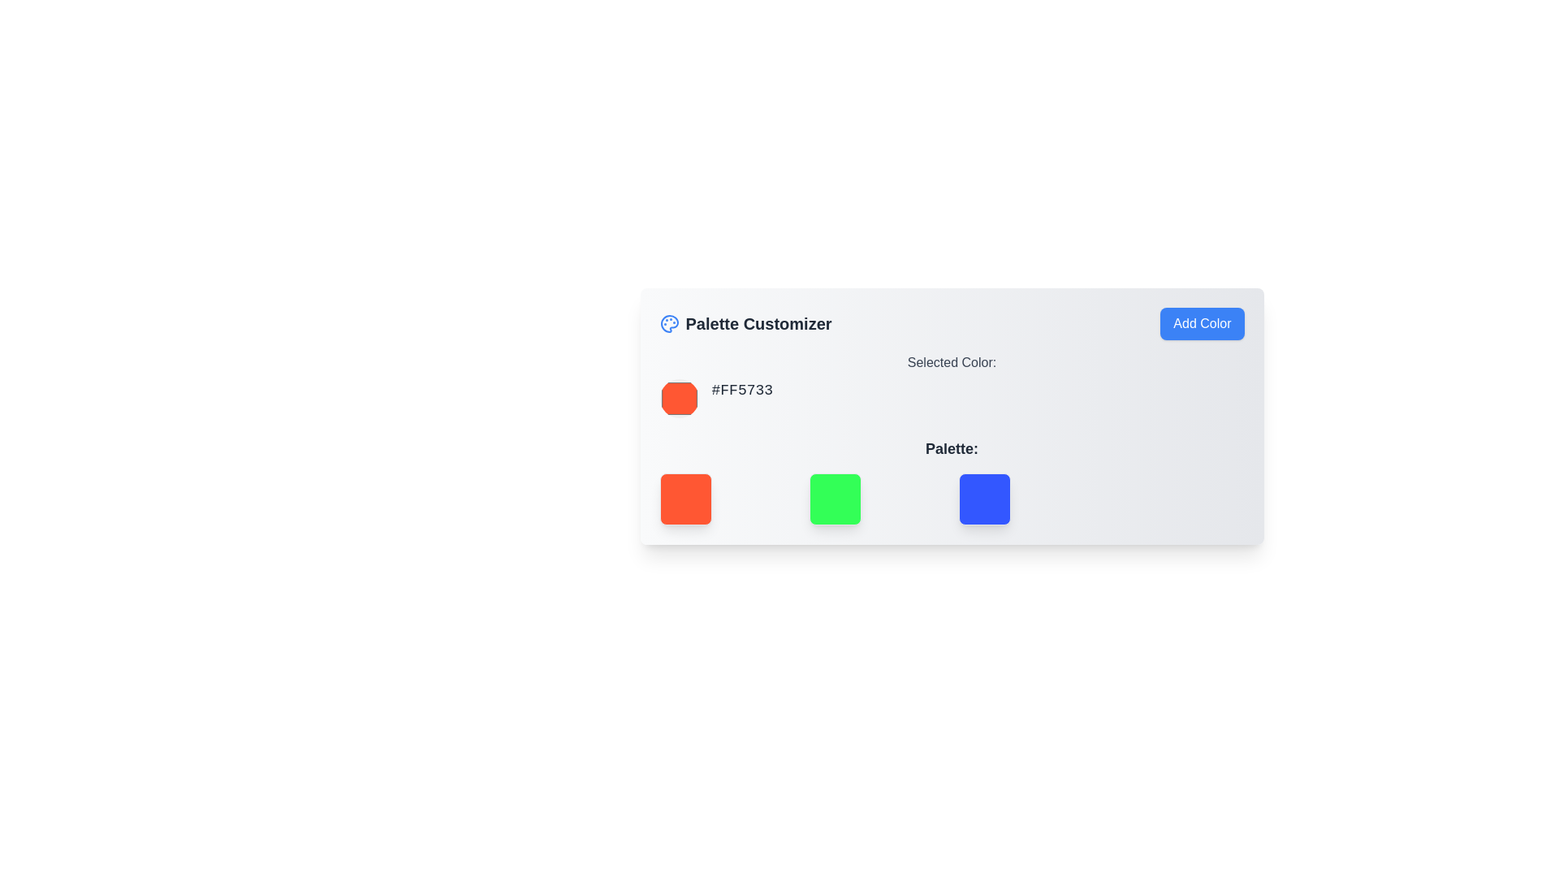 This screenshot has height=877, width=1559. Describe the element at coordinates (835, 498) in the screenshot. I see `the bright green color block element, which is the middle block in the color palette layout, to use it as a reference` at that location.